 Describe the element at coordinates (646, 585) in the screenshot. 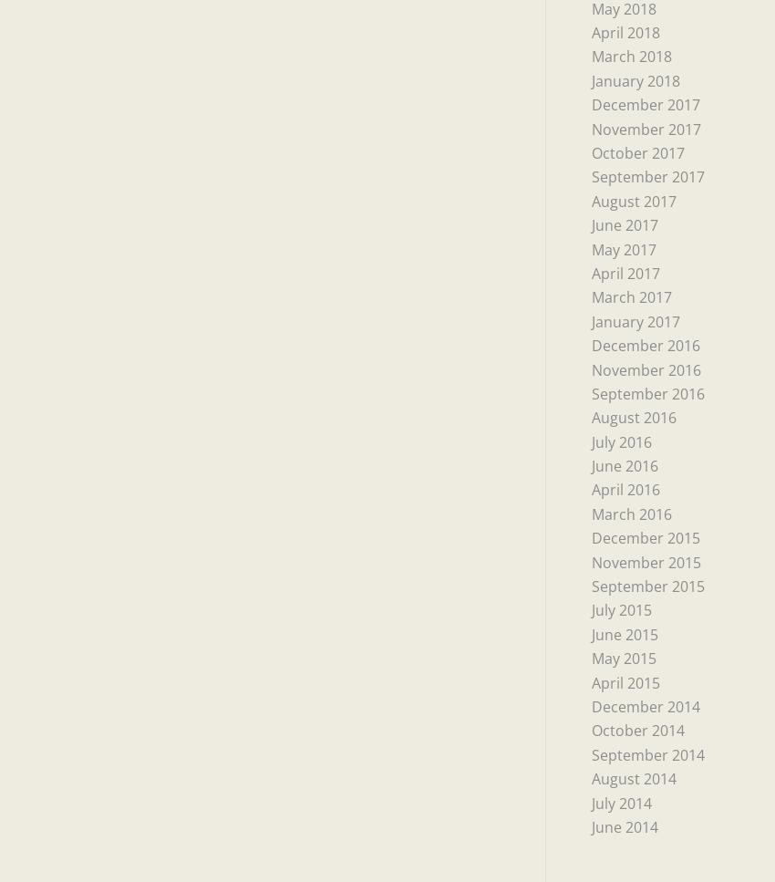

I see `'September 2015'` at that location.